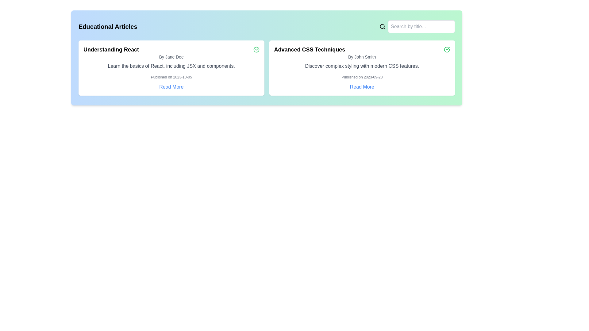 This screenshot has width=589, height=331. I want to click on the visual indicator icon located at the top-right of the 'Understanding React' section, which marks content as completed or approved, so click(256, 49).